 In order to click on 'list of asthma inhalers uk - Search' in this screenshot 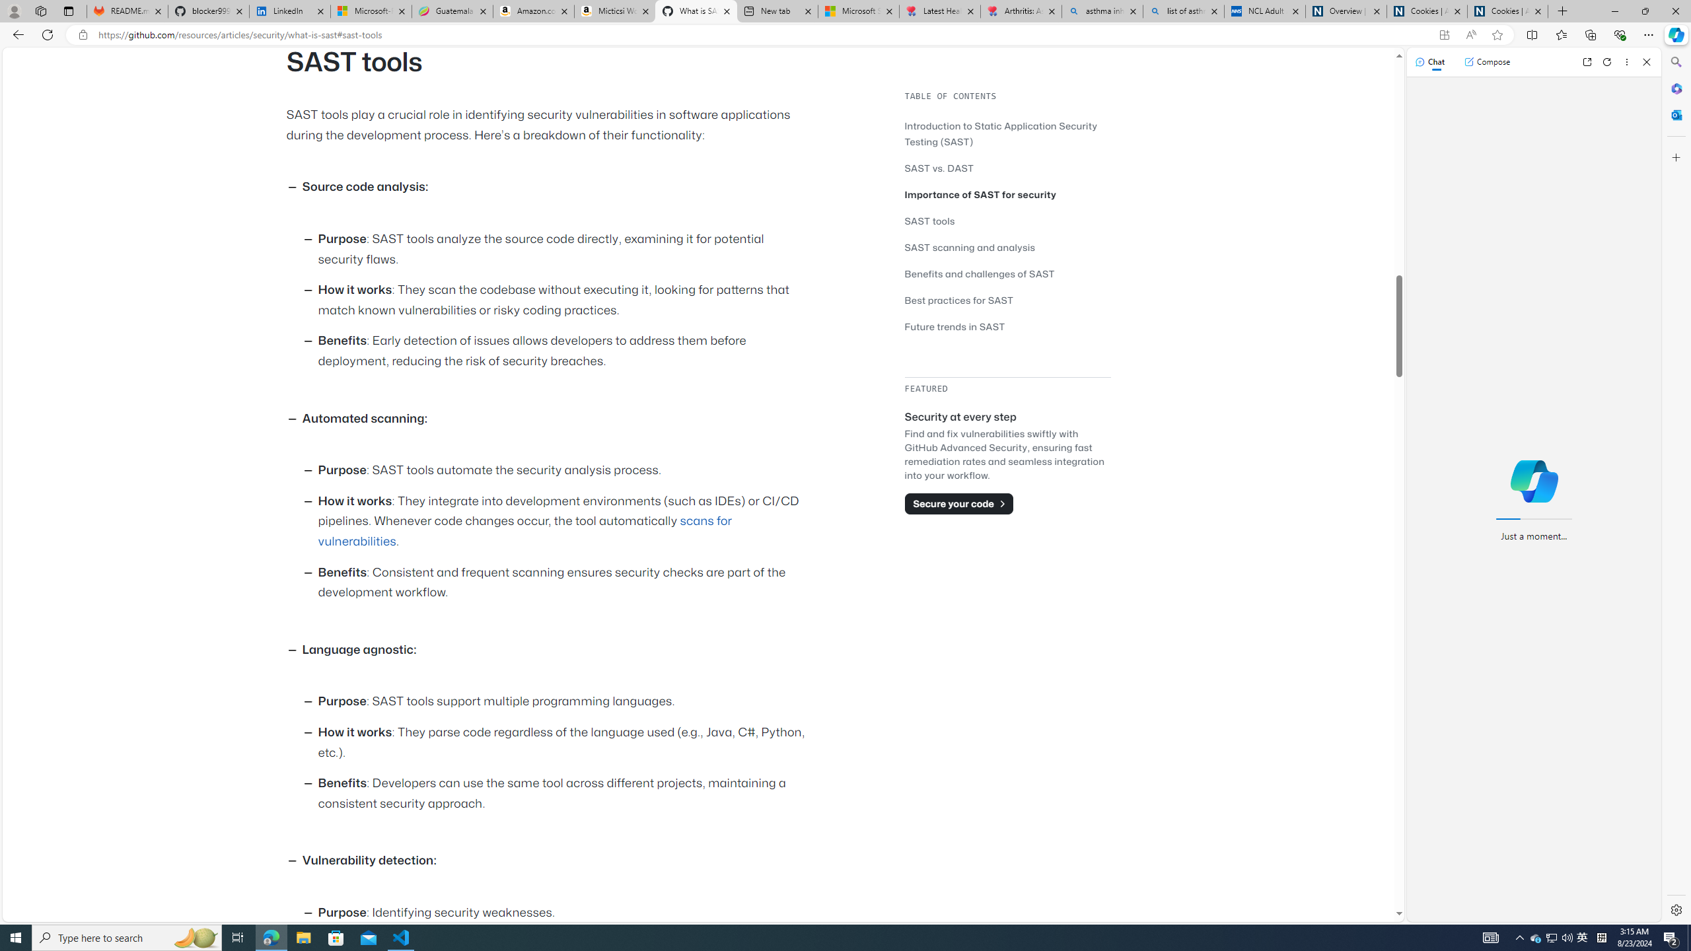, I will do `click(1183, 11)`.